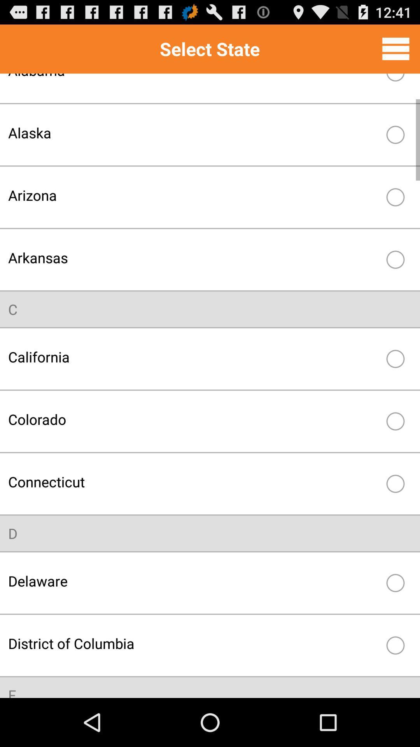 The height and width of the screenshot is (747, 420). I want to click on icon above delaware item, so click(13, 533).